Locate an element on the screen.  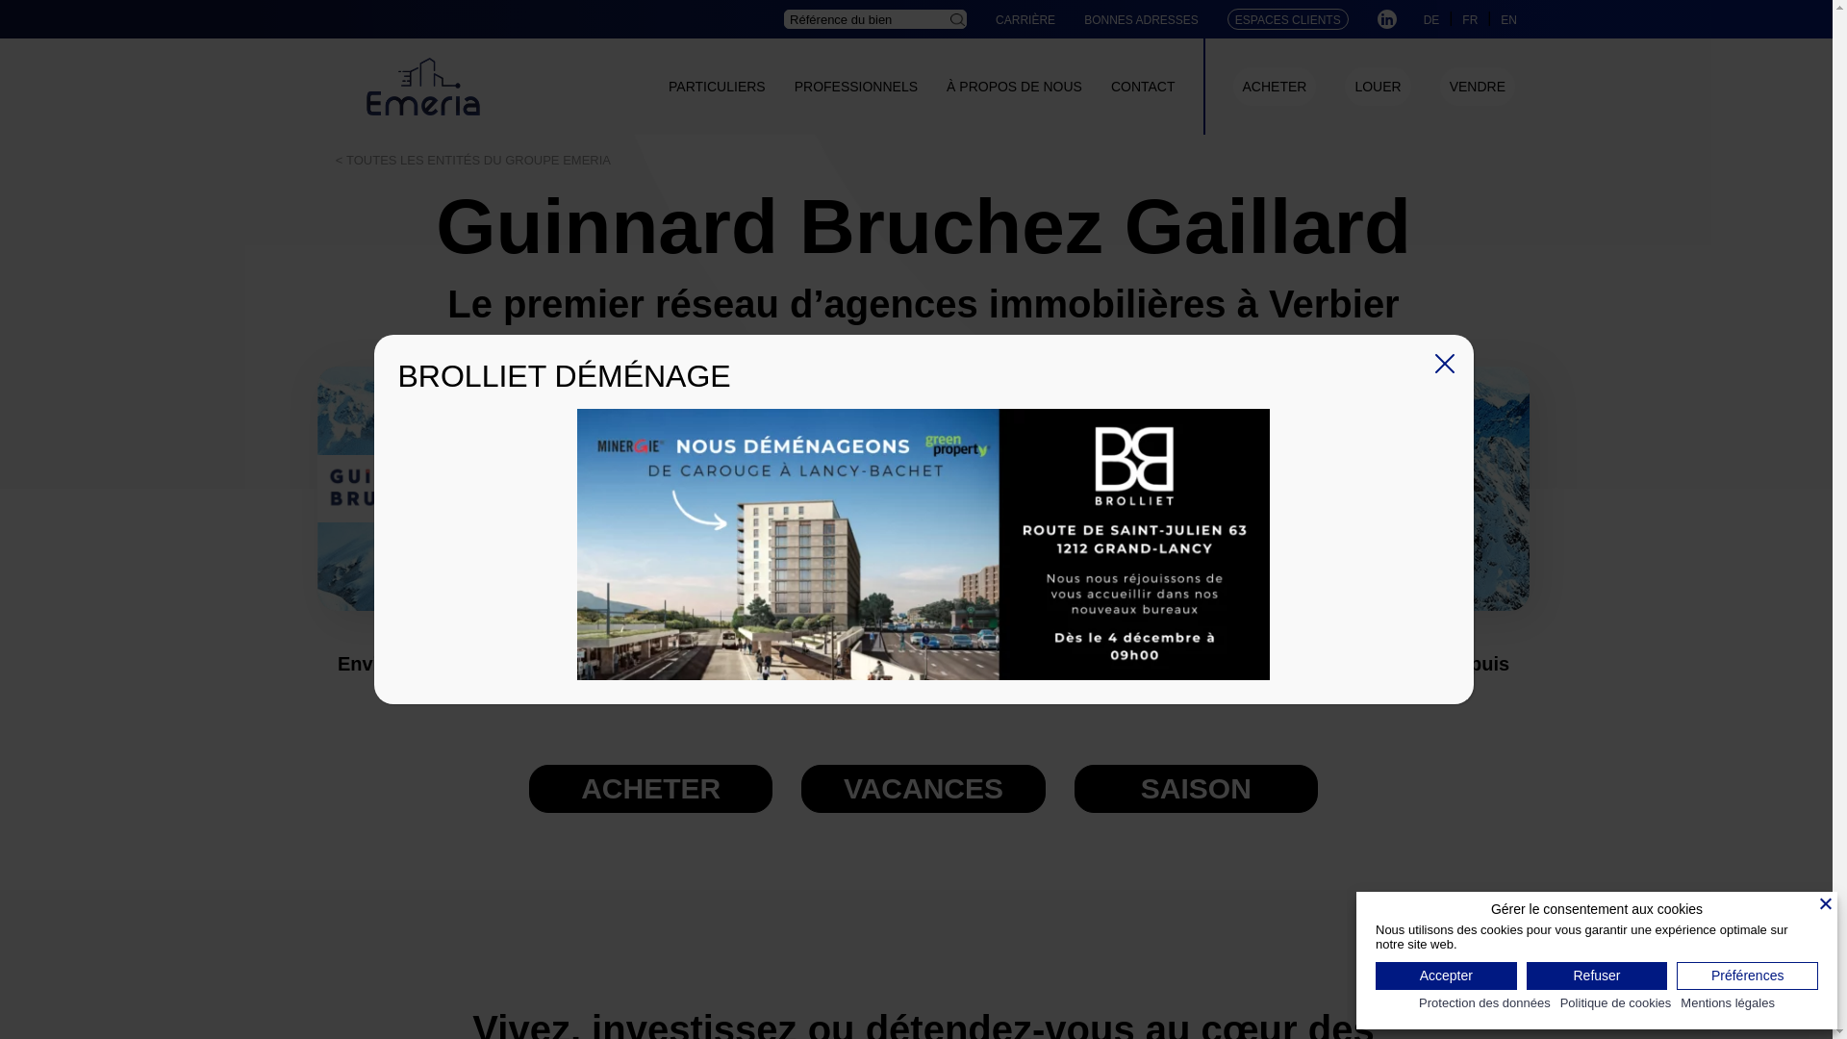
'VENDRE' is located at coordinates (1477, 85).